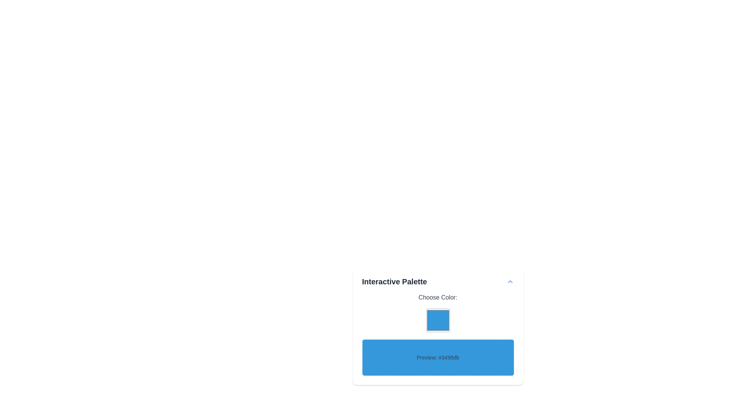 The image size is (729, 410). I want to click on the color display box in the Interactive color selection component, so click(438, 334).